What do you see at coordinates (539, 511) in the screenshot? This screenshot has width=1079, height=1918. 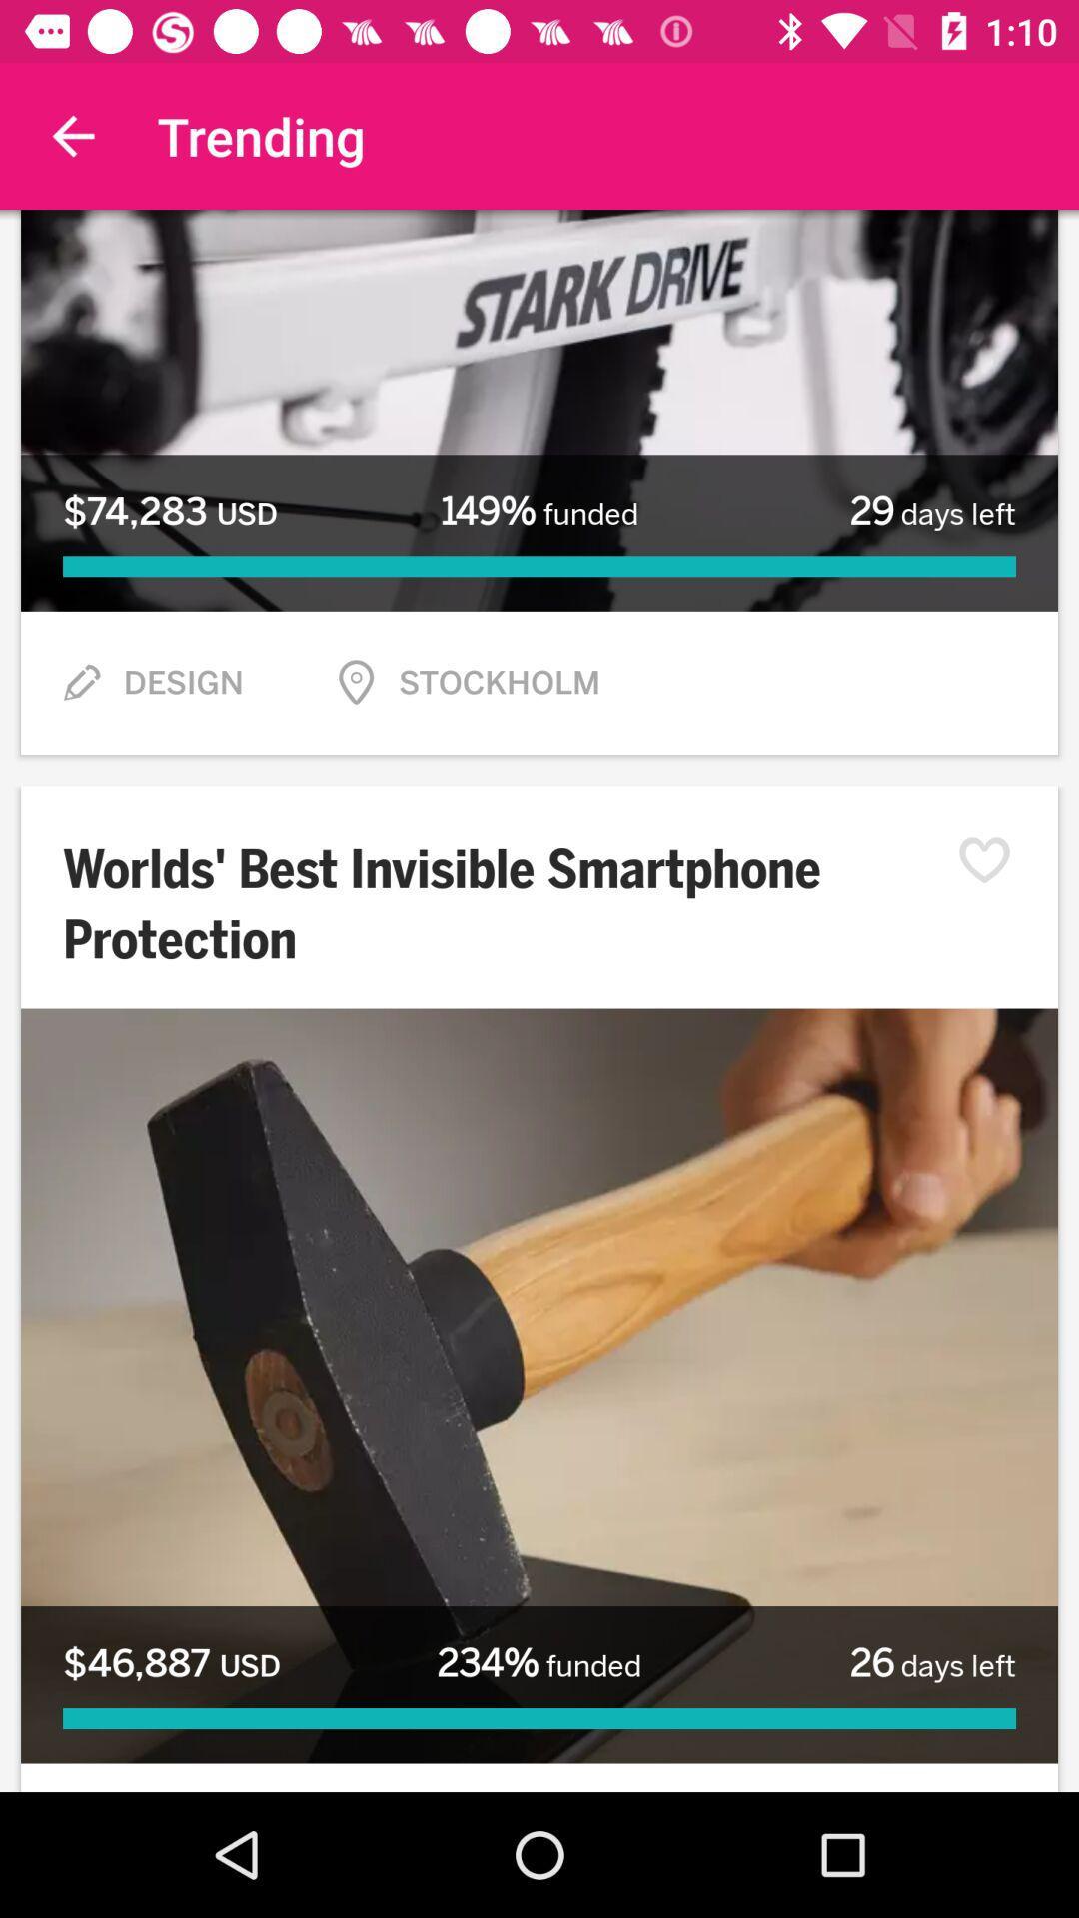 I see `item to the left of 29 days left icon` at bounding box center [539, 511].